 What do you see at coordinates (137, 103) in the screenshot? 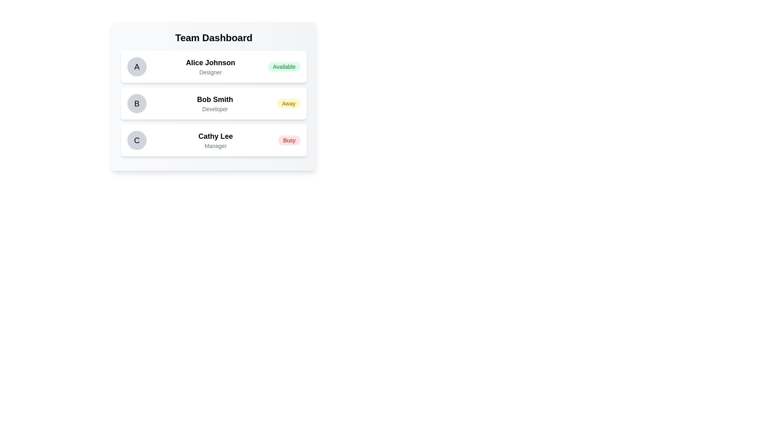
I see `the Avatar placeholder for 'Bob Smith'` at bounding box center [137, 103].